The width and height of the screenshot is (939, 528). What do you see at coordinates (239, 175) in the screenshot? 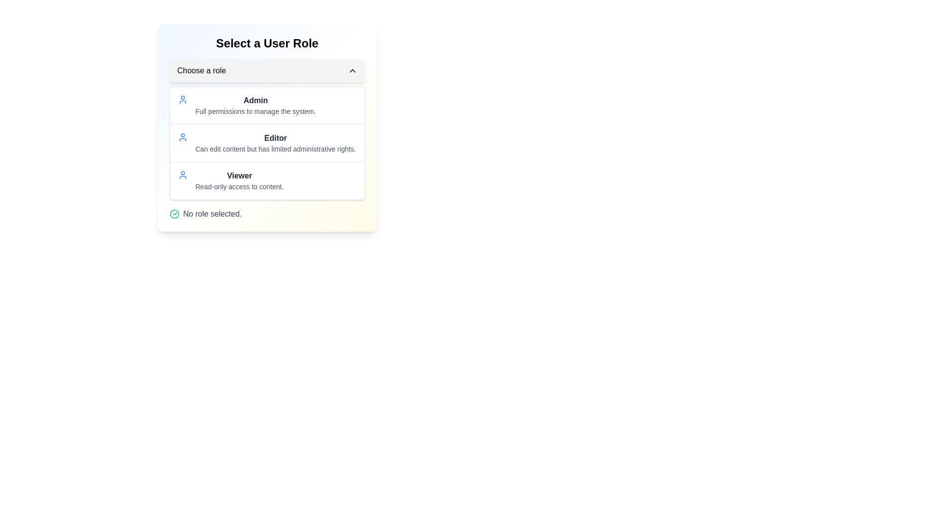
I see `the static text label identifying the 'Viewer' role, which is located in the modal dialog titled 'Select a User Role', positioned below 'Admin' and 'Editor'` at bounding box center [239, 175].